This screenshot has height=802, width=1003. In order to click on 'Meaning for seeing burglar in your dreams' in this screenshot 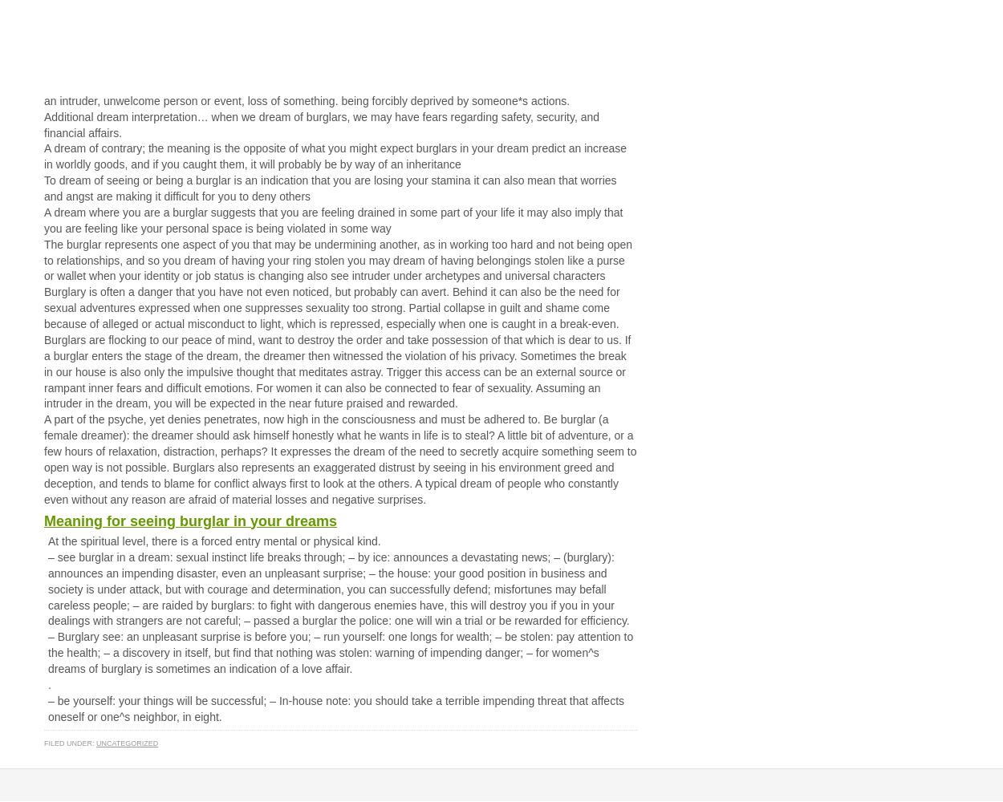, I will do `click(189, 520)`.